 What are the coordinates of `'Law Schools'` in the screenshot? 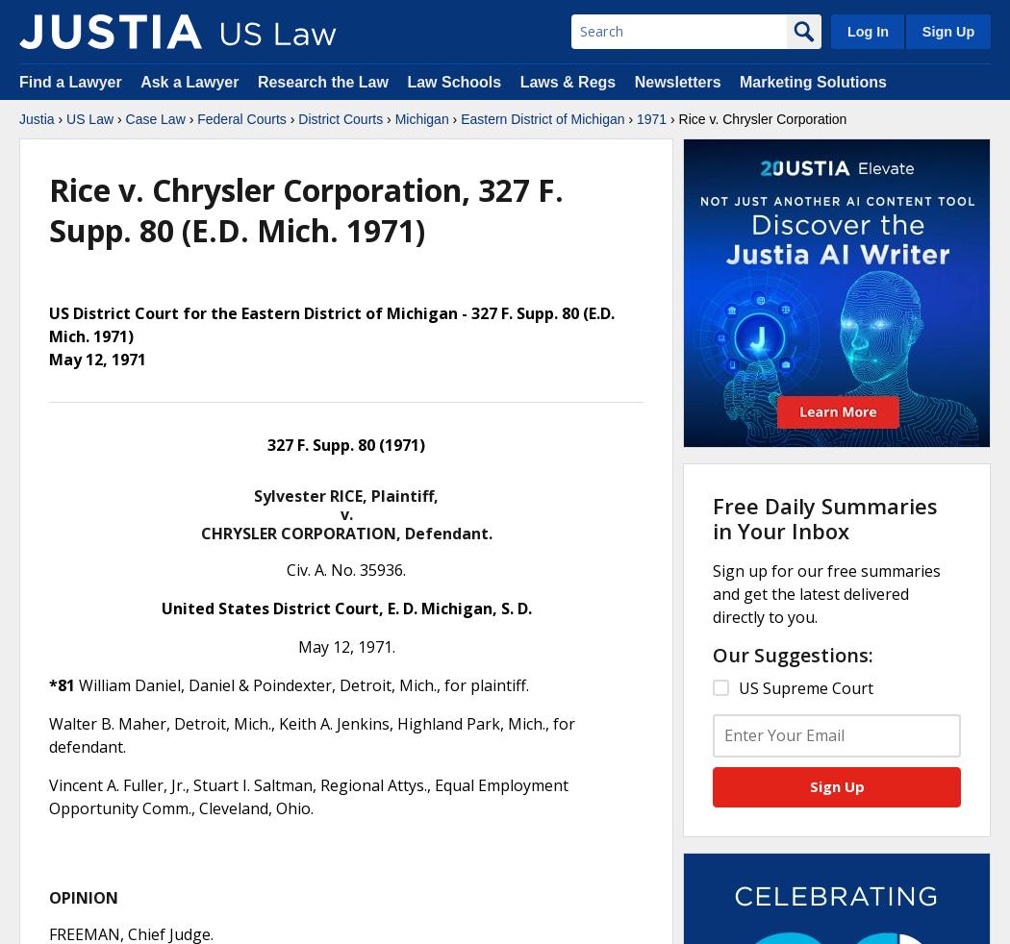 It's located at (406, 81).